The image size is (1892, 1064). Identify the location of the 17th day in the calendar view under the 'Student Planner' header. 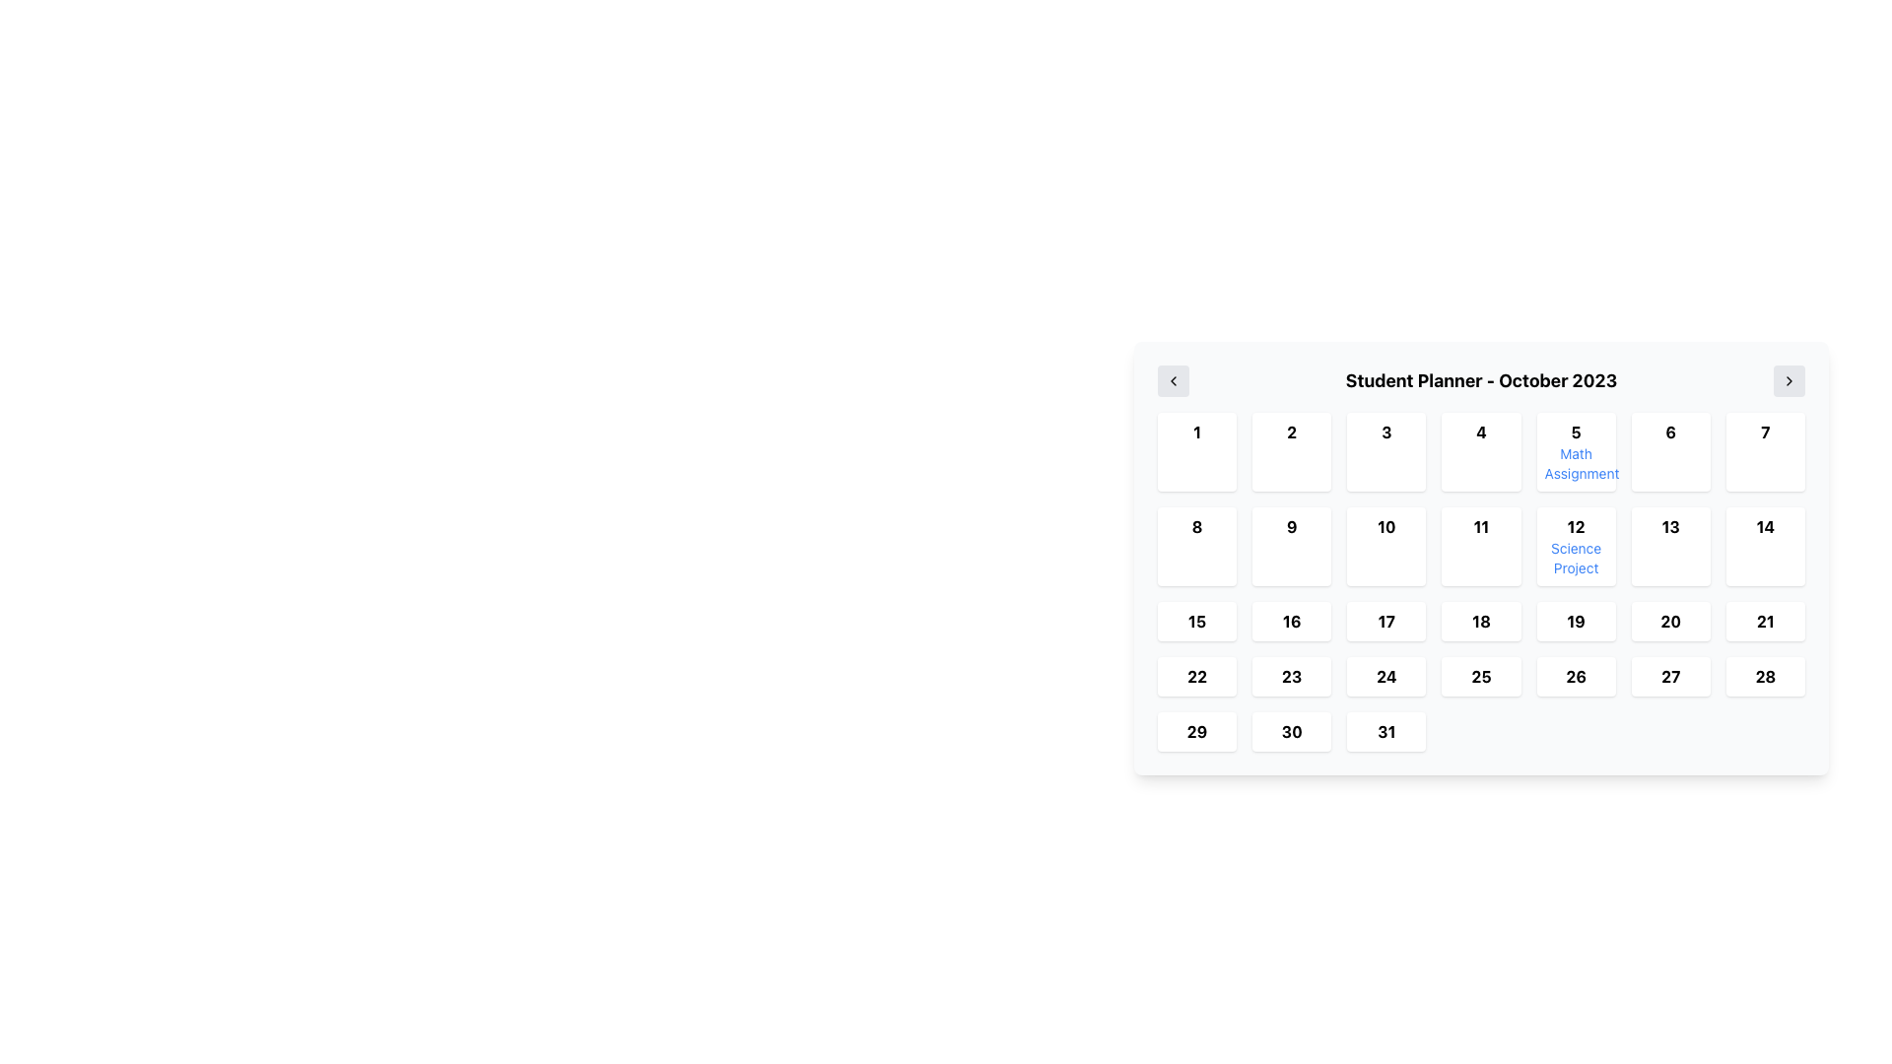
(1385, 622).